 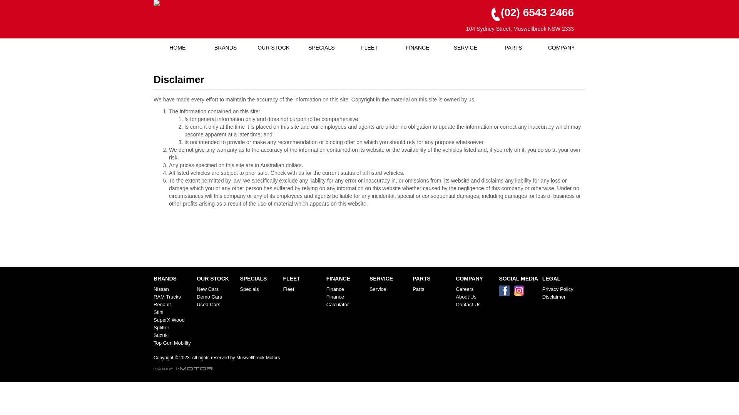 I want to click on 'RAM Trucks', so click(x=153, y=296).